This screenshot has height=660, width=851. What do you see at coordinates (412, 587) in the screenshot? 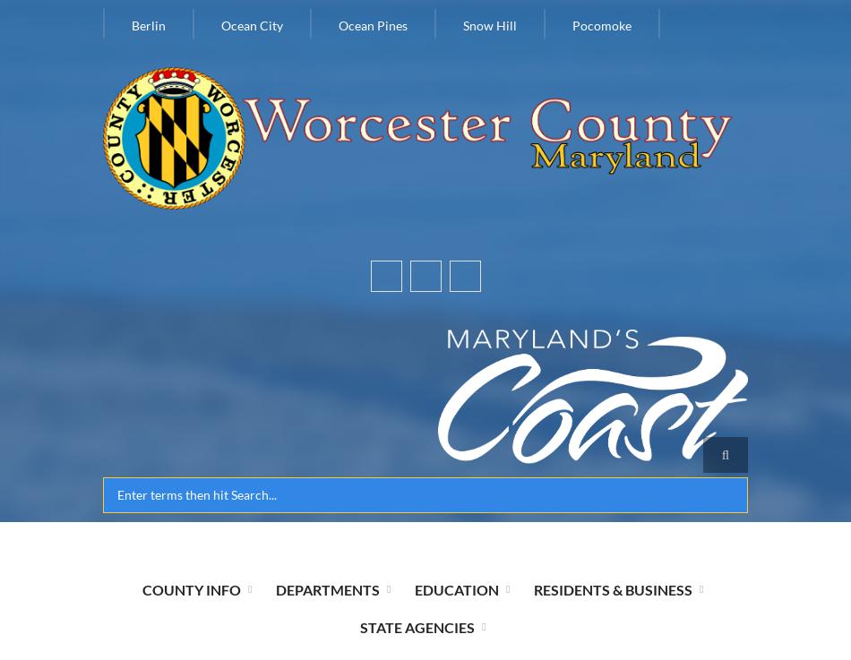
I see `'Education'` at bounding box center [412, 587].